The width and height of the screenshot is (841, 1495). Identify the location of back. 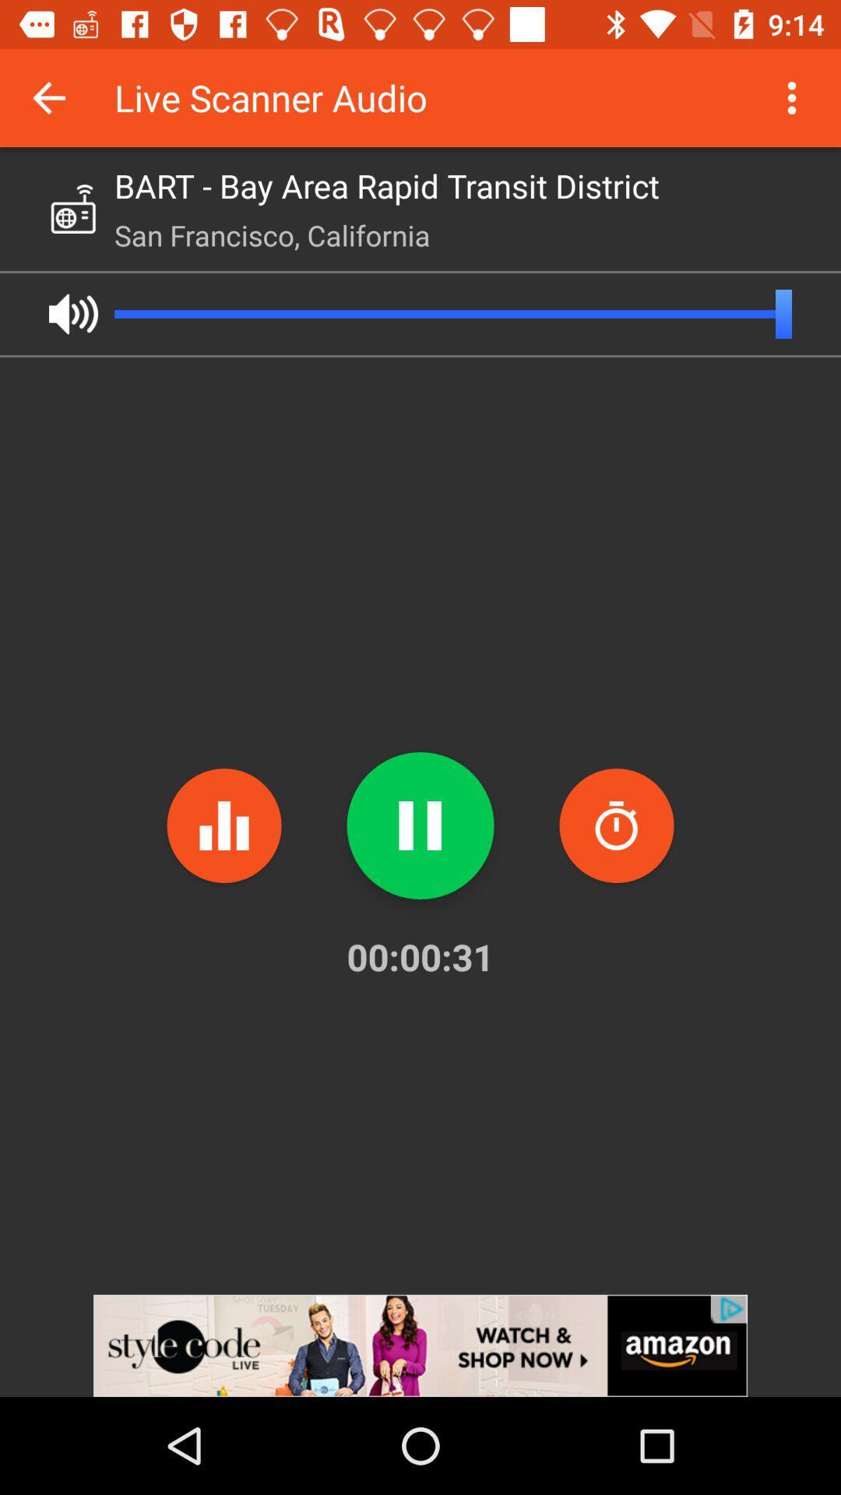
(48, 97).